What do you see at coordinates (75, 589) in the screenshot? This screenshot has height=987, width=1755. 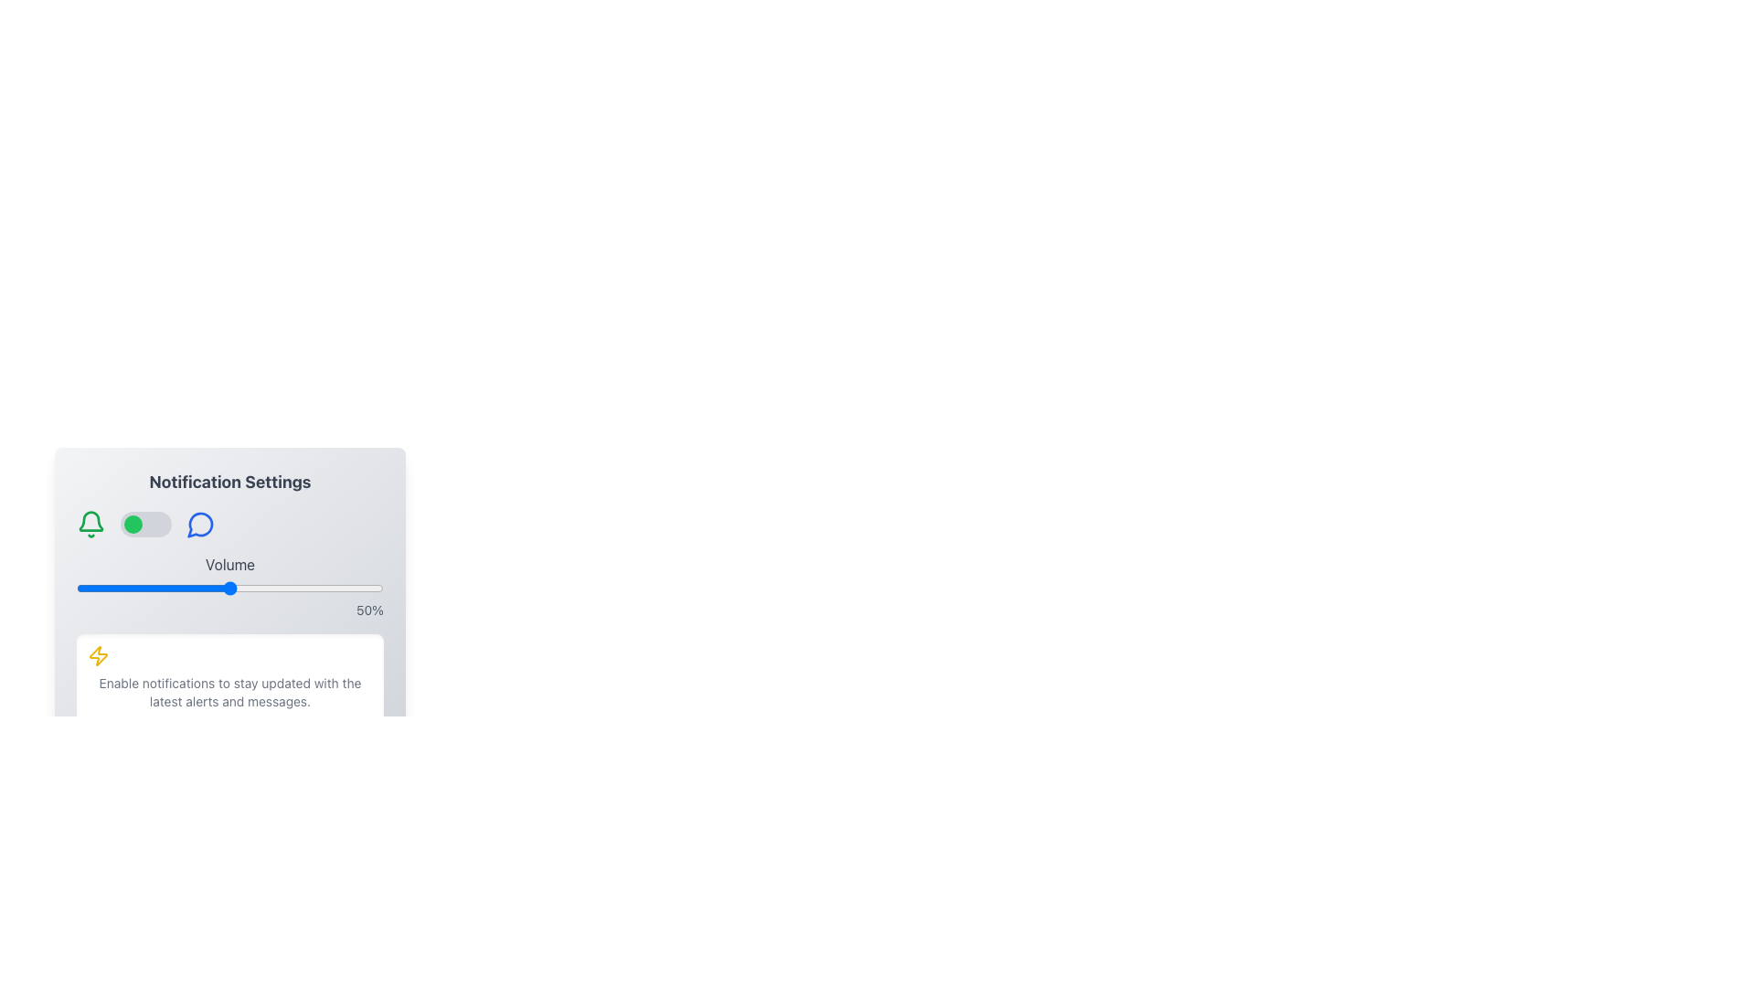 I see `the volume` at bounding box center [75, 589].